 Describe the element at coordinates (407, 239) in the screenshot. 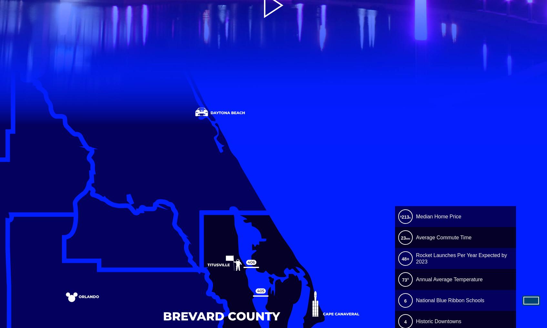

I see `'MIN'` at that location.